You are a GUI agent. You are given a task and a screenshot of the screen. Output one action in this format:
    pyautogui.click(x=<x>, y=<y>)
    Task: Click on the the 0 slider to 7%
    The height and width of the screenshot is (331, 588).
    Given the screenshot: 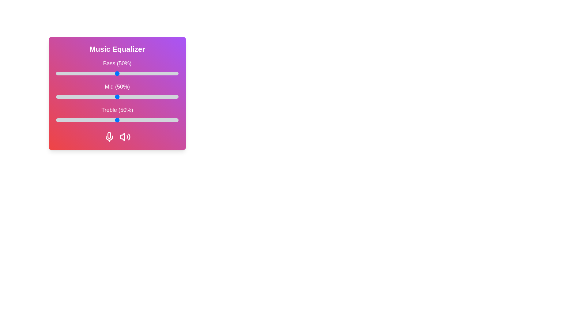 What is the action you would take?
    pyautogui.click(x=65, y=73)
    